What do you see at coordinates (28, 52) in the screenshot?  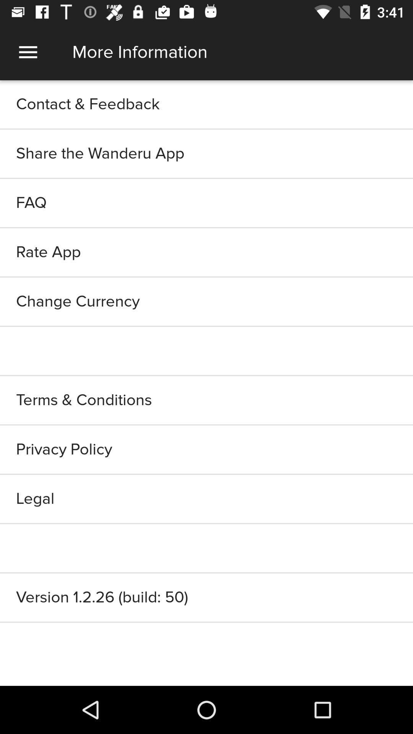 I see `menu icon` at bounding box center [28, 52].